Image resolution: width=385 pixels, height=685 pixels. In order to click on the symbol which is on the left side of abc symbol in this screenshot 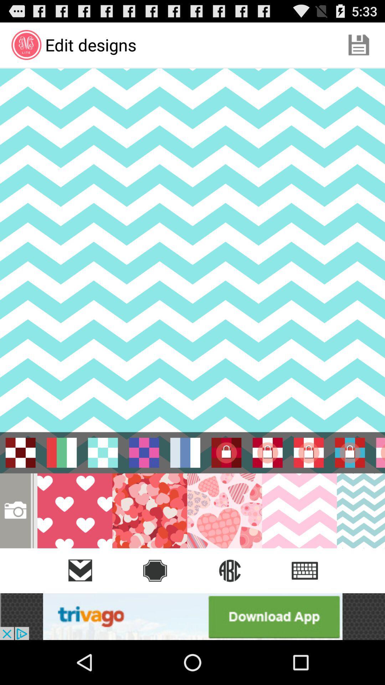, I will do `click(155, 570)`.